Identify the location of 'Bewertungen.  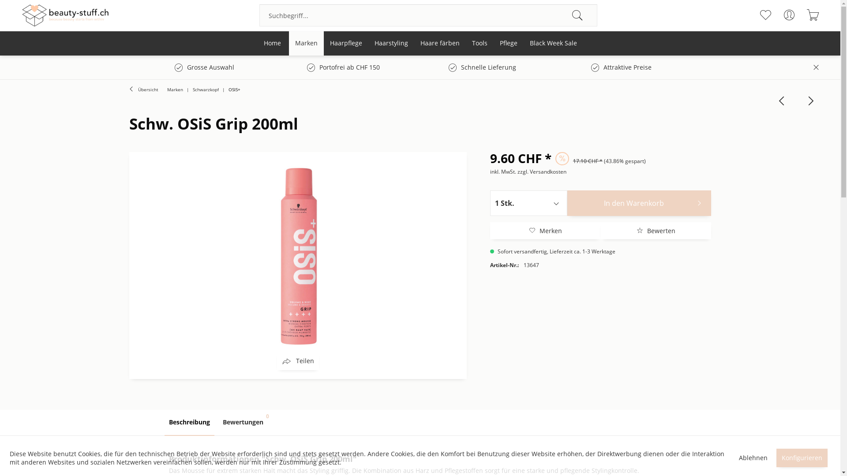
(218, 423).